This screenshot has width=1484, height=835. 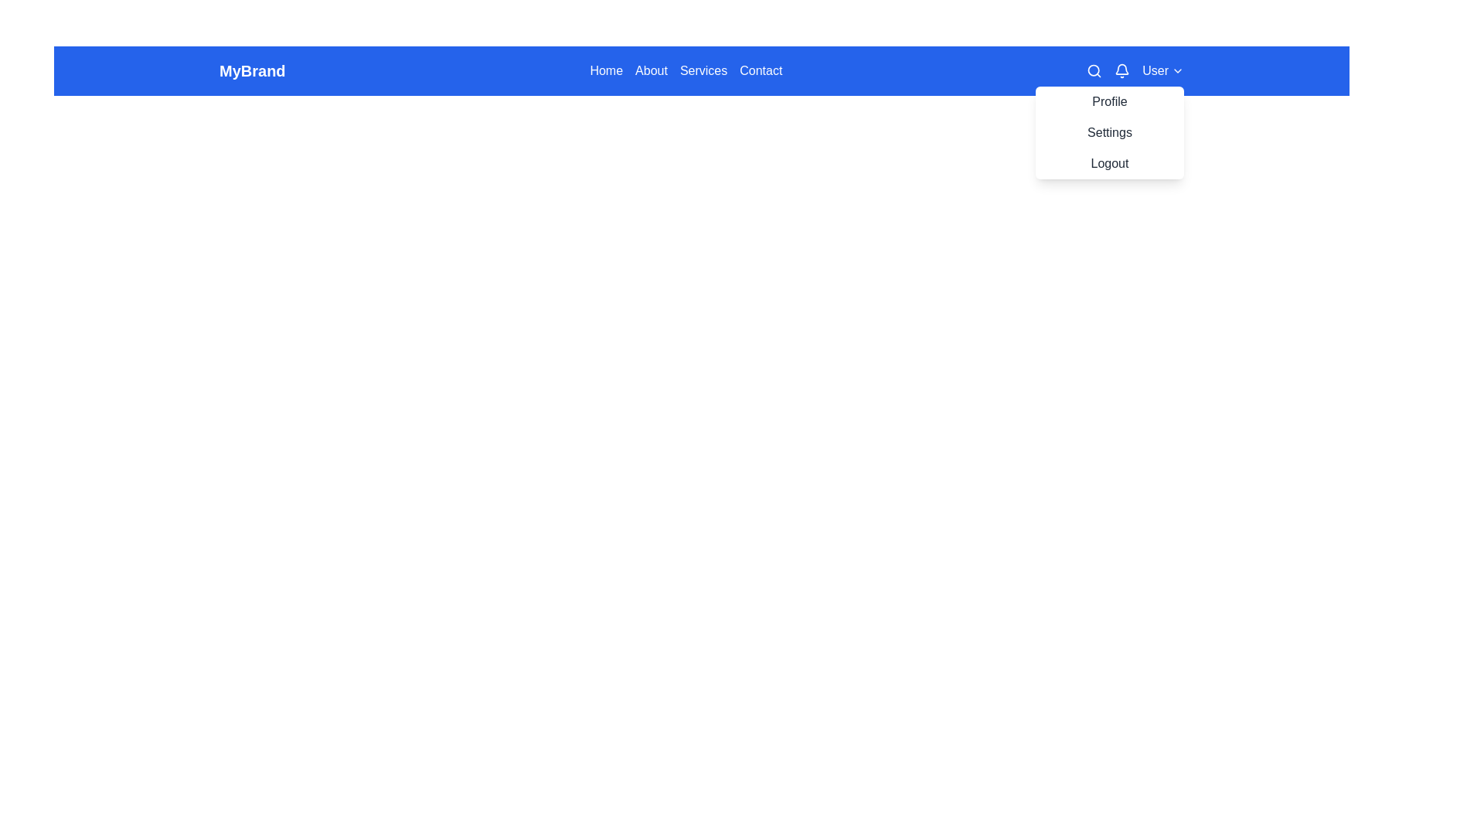 I want to click on the third navigation link labeled 'Services', so click(x=700, y=71).